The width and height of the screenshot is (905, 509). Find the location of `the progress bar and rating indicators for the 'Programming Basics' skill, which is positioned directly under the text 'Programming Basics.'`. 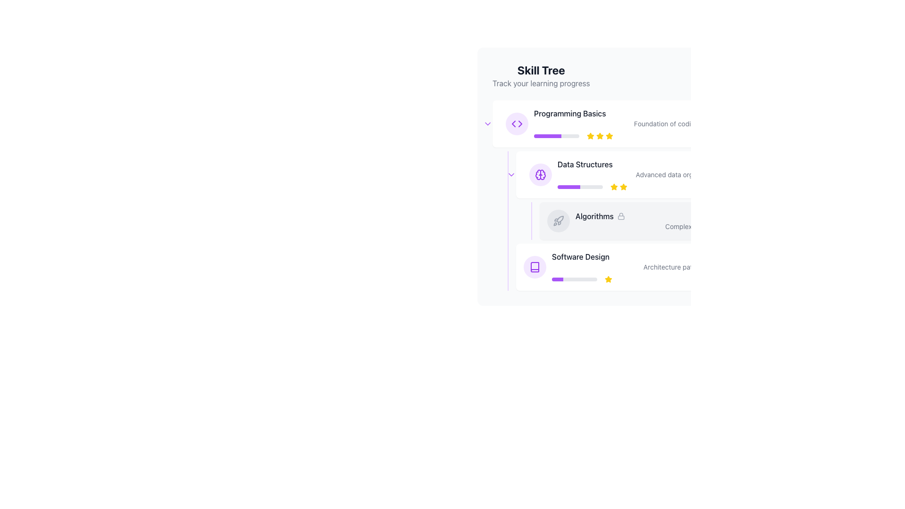

the progress bar and rating indicators for the 'Programming Basics' skill, which is positioned directly under the text 'Programming Basics.' is located at coordinates (666, 136).